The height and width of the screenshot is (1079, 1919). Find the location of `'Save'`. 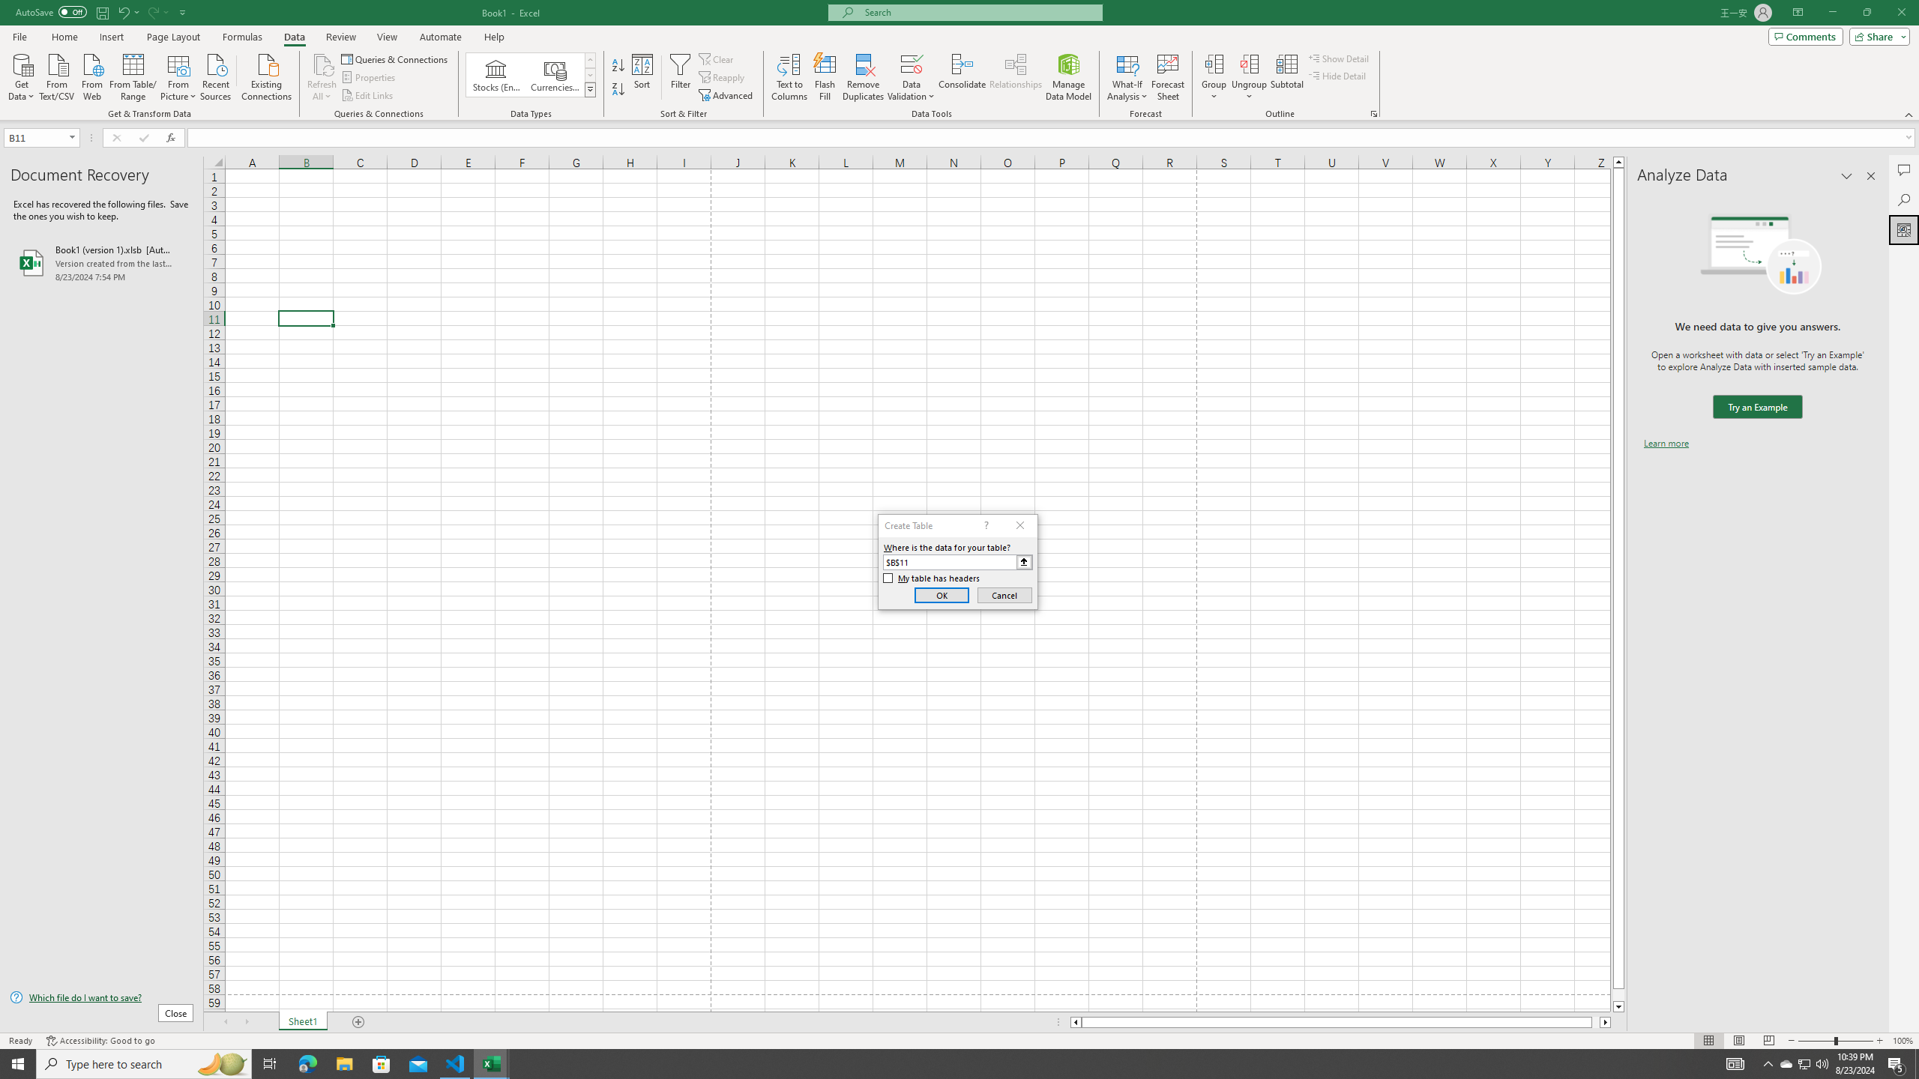

'Save' is located at coordinates (101, 11).